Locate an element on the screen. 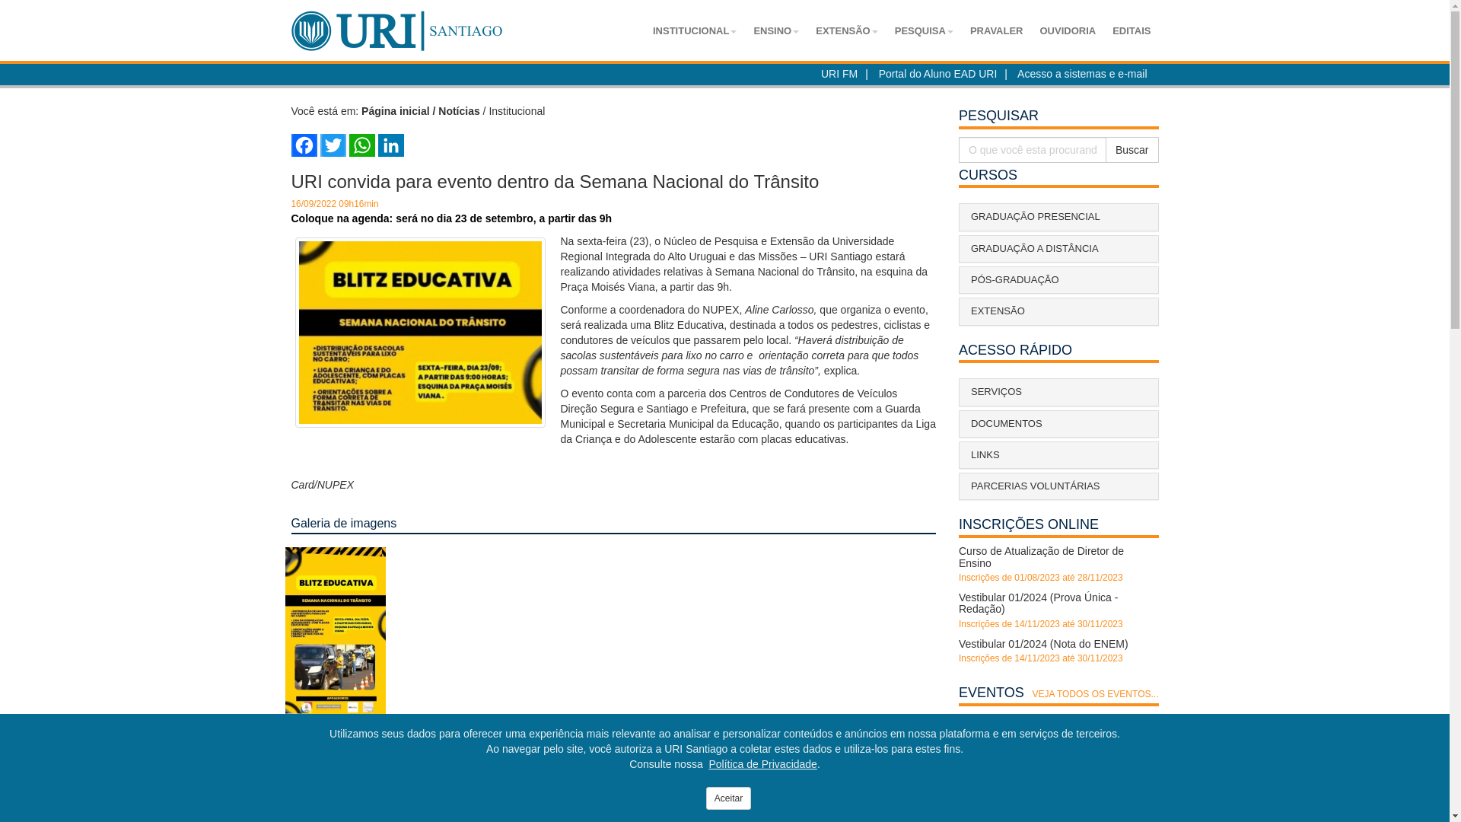 Image resolution: width=1461 pixels, height=822 pixels. 'DOCUMENTOS' is located at coordinates (1058, 423).